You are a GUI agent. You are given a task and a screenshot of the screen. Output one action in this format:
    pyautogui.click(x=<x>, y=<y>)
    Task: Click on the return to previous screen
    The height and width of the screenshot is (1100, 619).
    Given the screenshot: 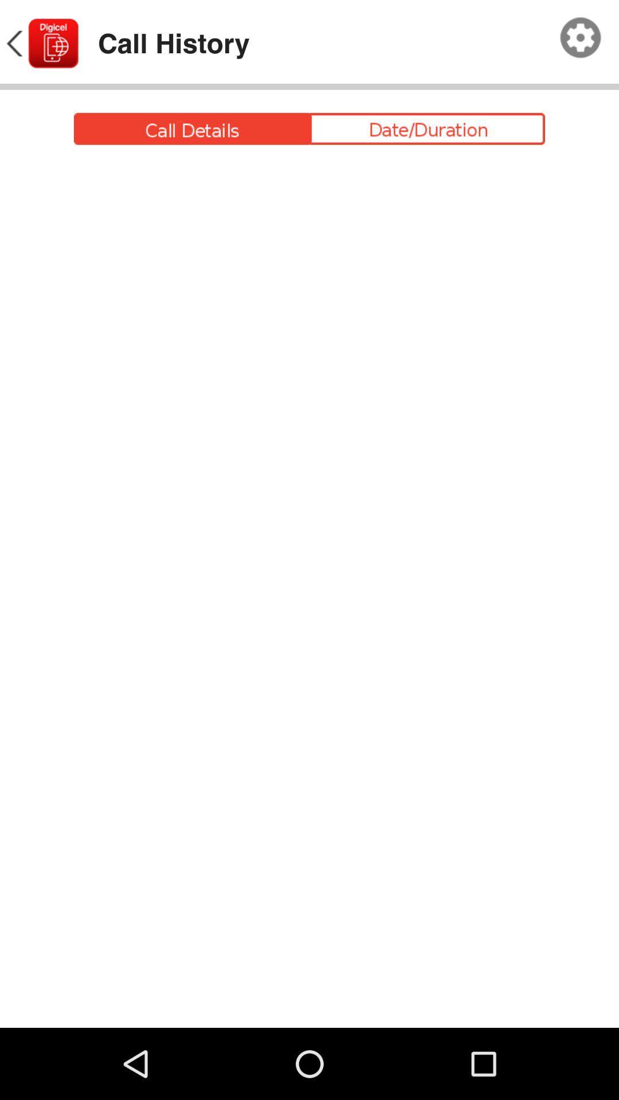 What is the action you would take?
    pyautogui.click(x=41, y=44)
    